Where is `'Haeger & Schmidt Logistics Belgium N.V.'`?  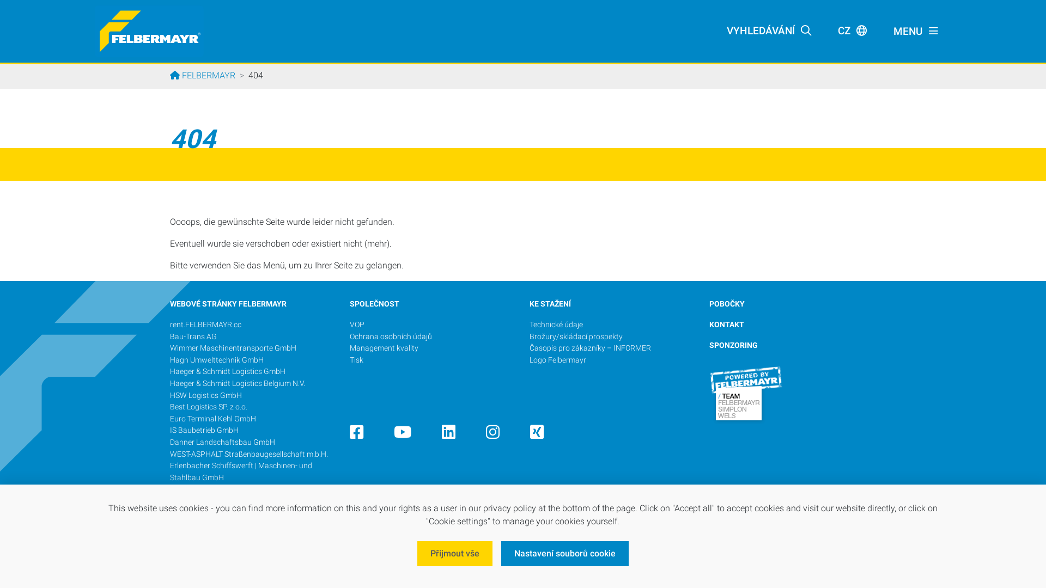
'Haeger & Schmidt Logistics Belgium N.V.' is located at coordinates (237, 383).